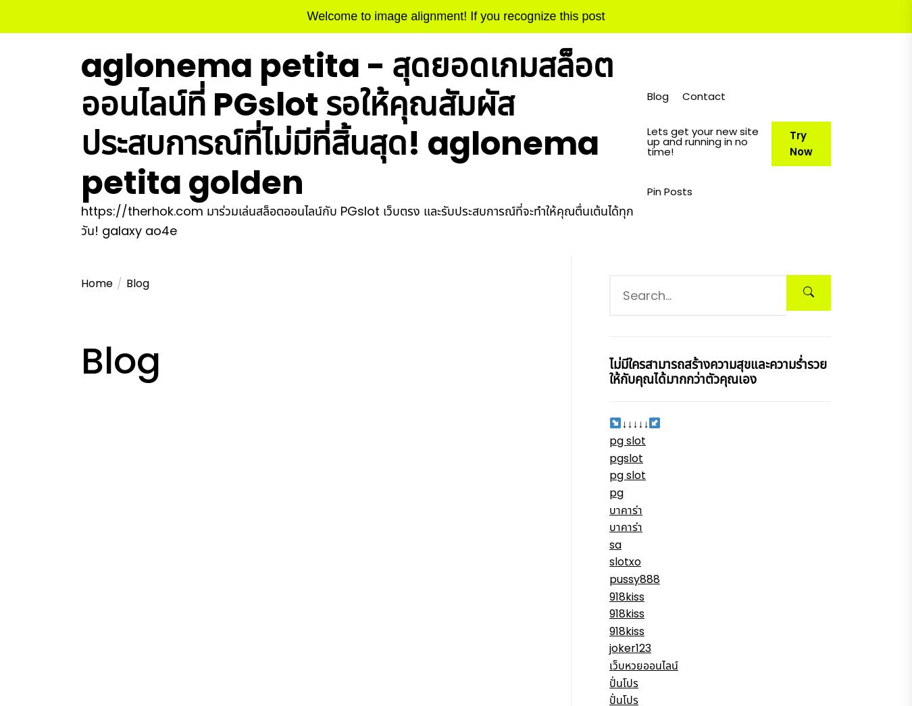 This screenshot has width=912, height=706. Describe the element at coordinates (629, 647) in the screenshot. I see `'joker123'` at that location.